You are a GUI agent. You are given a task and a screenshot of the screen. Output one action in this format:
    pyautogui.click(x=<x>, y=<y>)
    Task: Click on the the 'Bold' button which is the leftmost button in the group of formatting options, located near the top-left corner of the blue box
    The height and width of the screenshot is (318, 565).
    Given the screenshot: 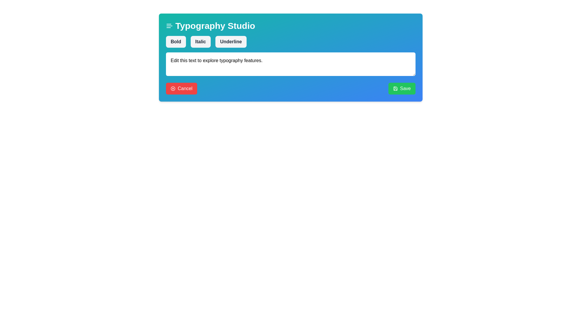 What is the action you would take?
    pyautogui.click(x=175, y=42)
    